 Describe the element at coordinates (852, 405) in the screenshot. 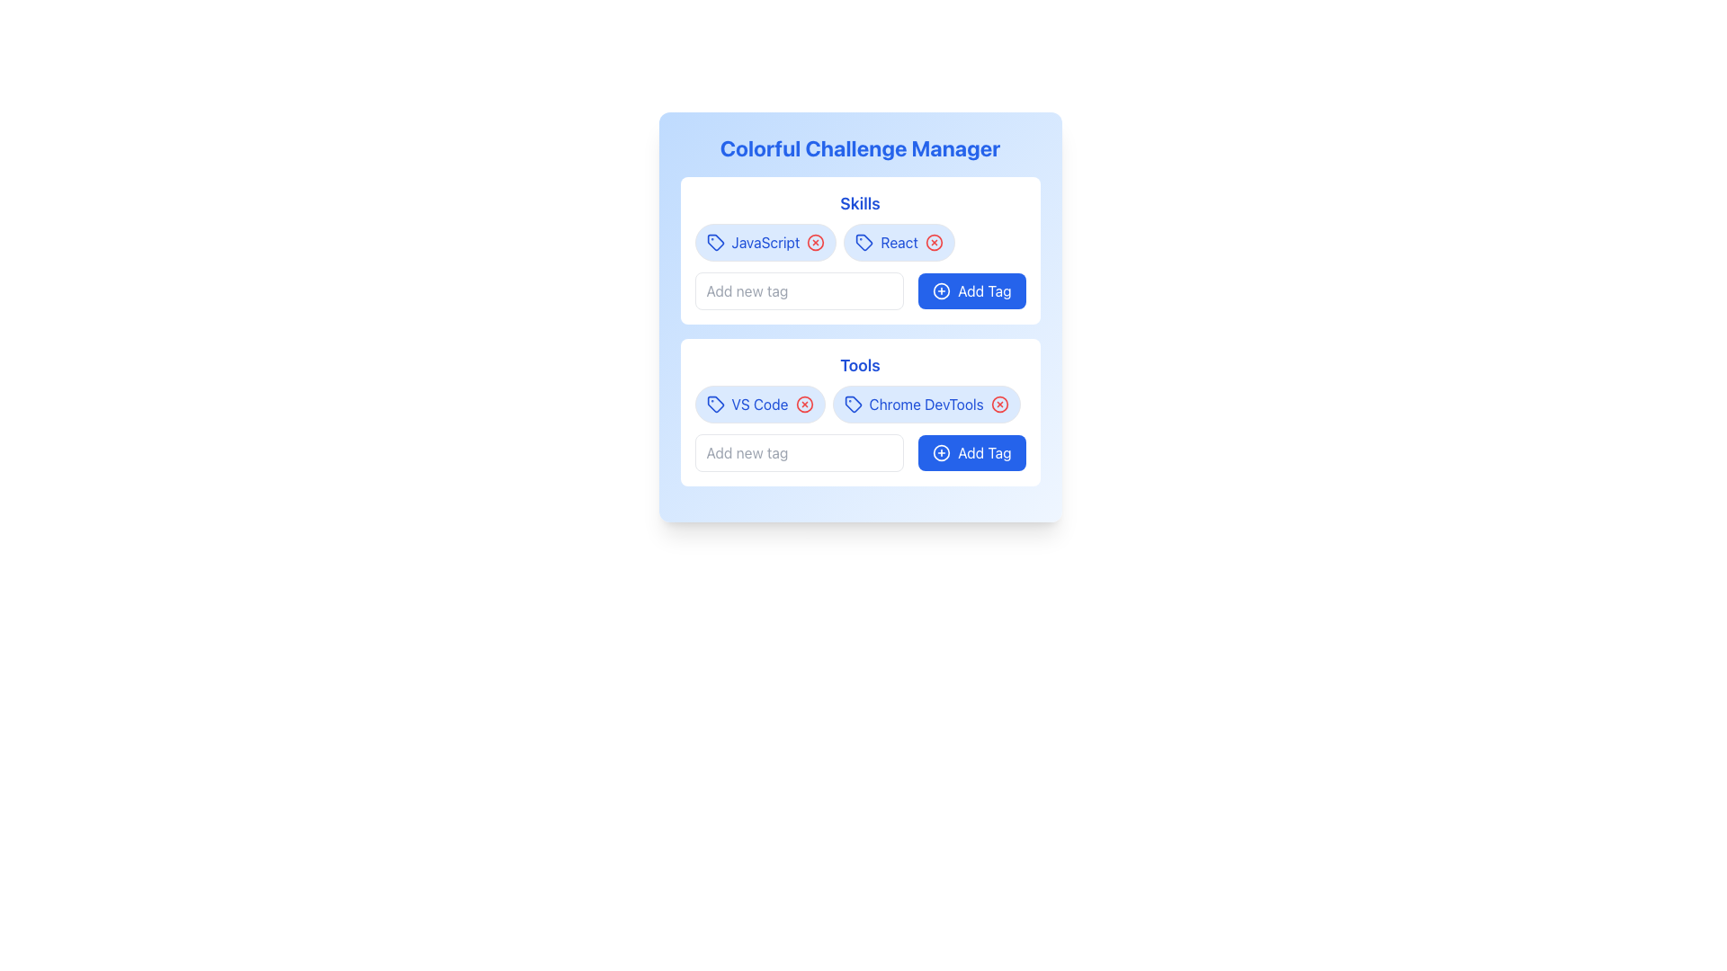

I see `the tag icon for 'Chrome DevTools', which is the leftmost component in the 'Tools' section, enhancing the visual meaning of the tag` at that location.